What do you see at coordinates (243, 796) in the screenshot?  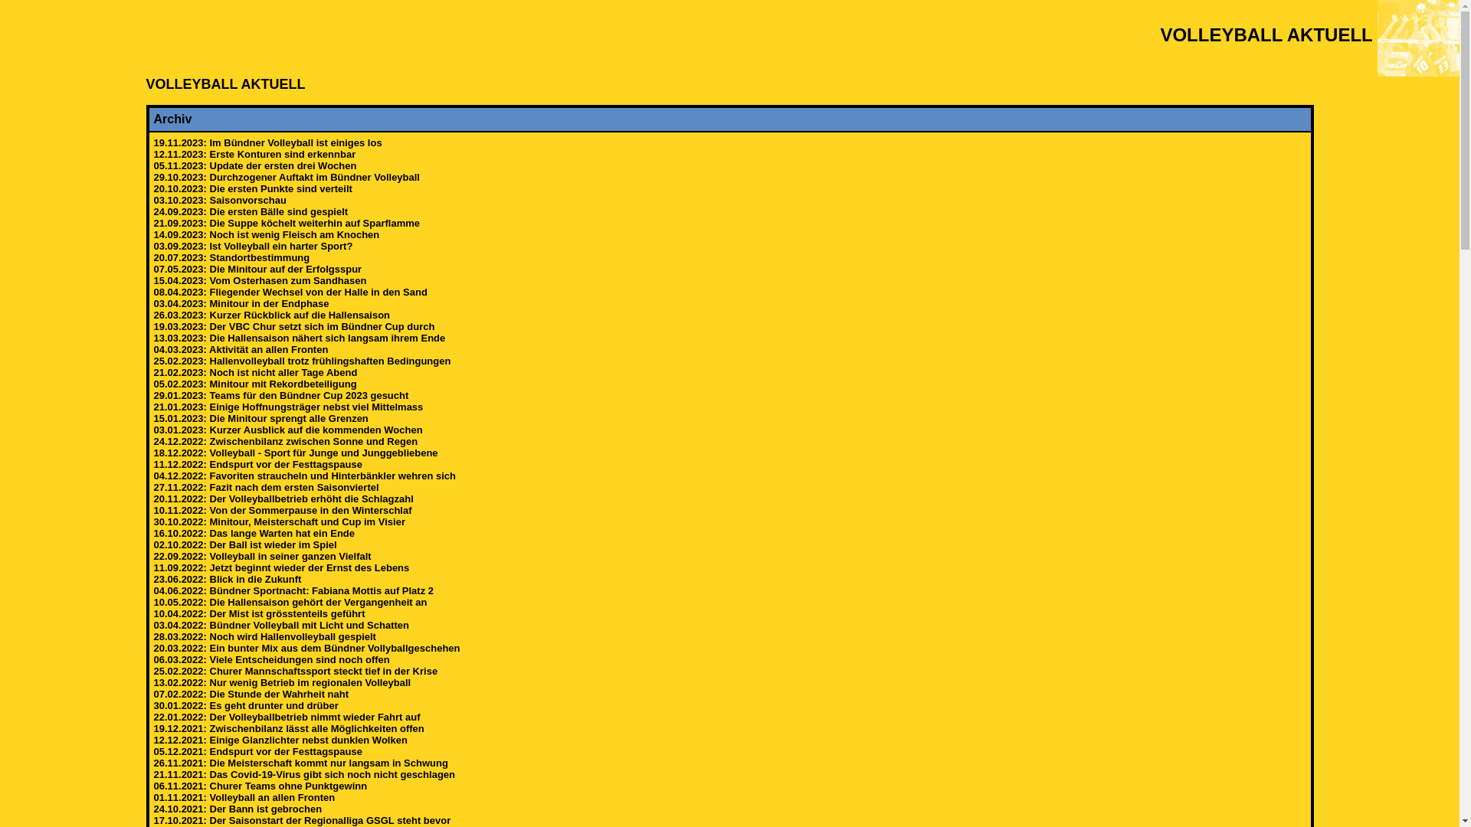 I see `'01.11.2021: Volleyball an allen Fronten'` at bounding box center [243, 796].